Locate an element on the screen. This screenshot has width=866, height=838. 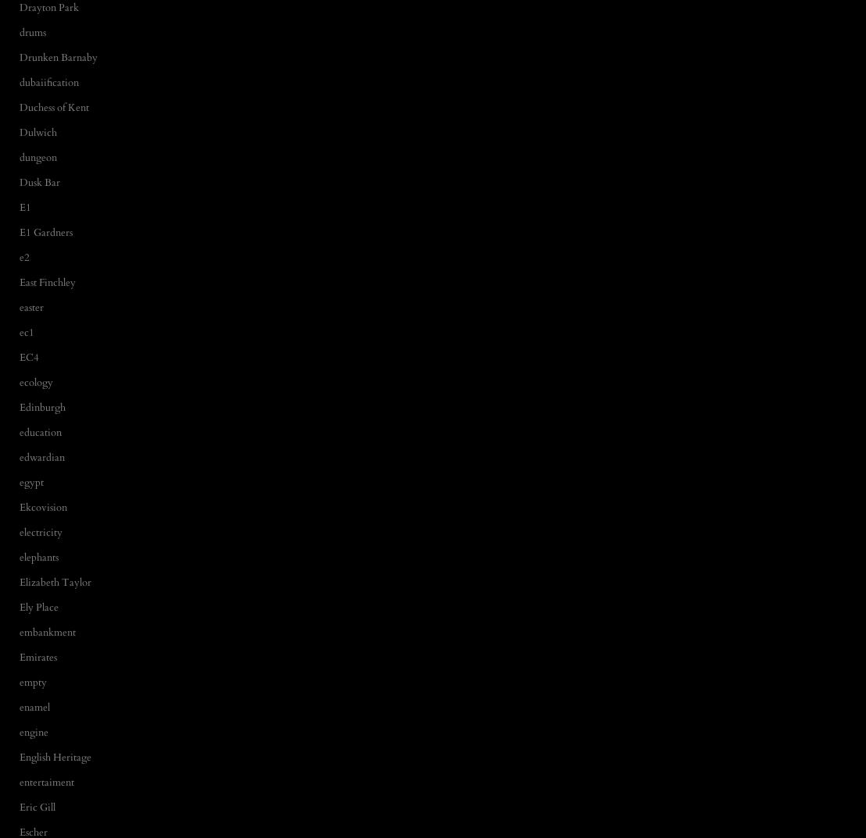
'egypt' is located at coordinates (20, 480).